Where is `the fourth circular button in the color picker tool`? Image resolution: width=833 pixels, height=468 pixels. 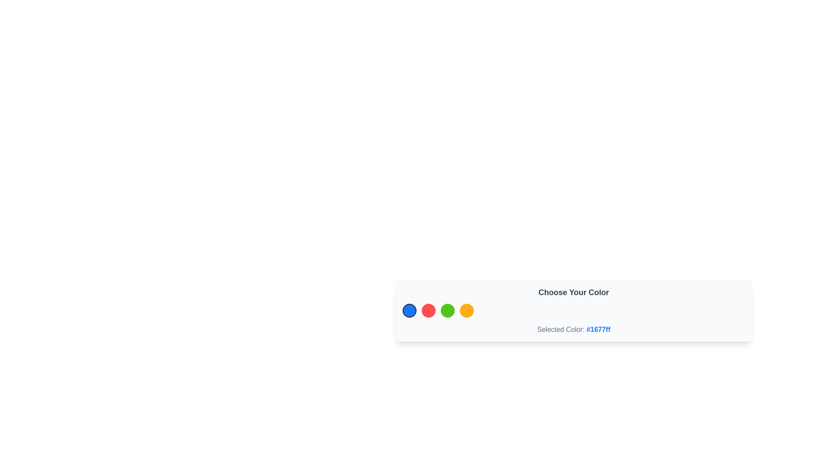
the fourth circular button in the color picker tool is located at coordinates (466, 310).